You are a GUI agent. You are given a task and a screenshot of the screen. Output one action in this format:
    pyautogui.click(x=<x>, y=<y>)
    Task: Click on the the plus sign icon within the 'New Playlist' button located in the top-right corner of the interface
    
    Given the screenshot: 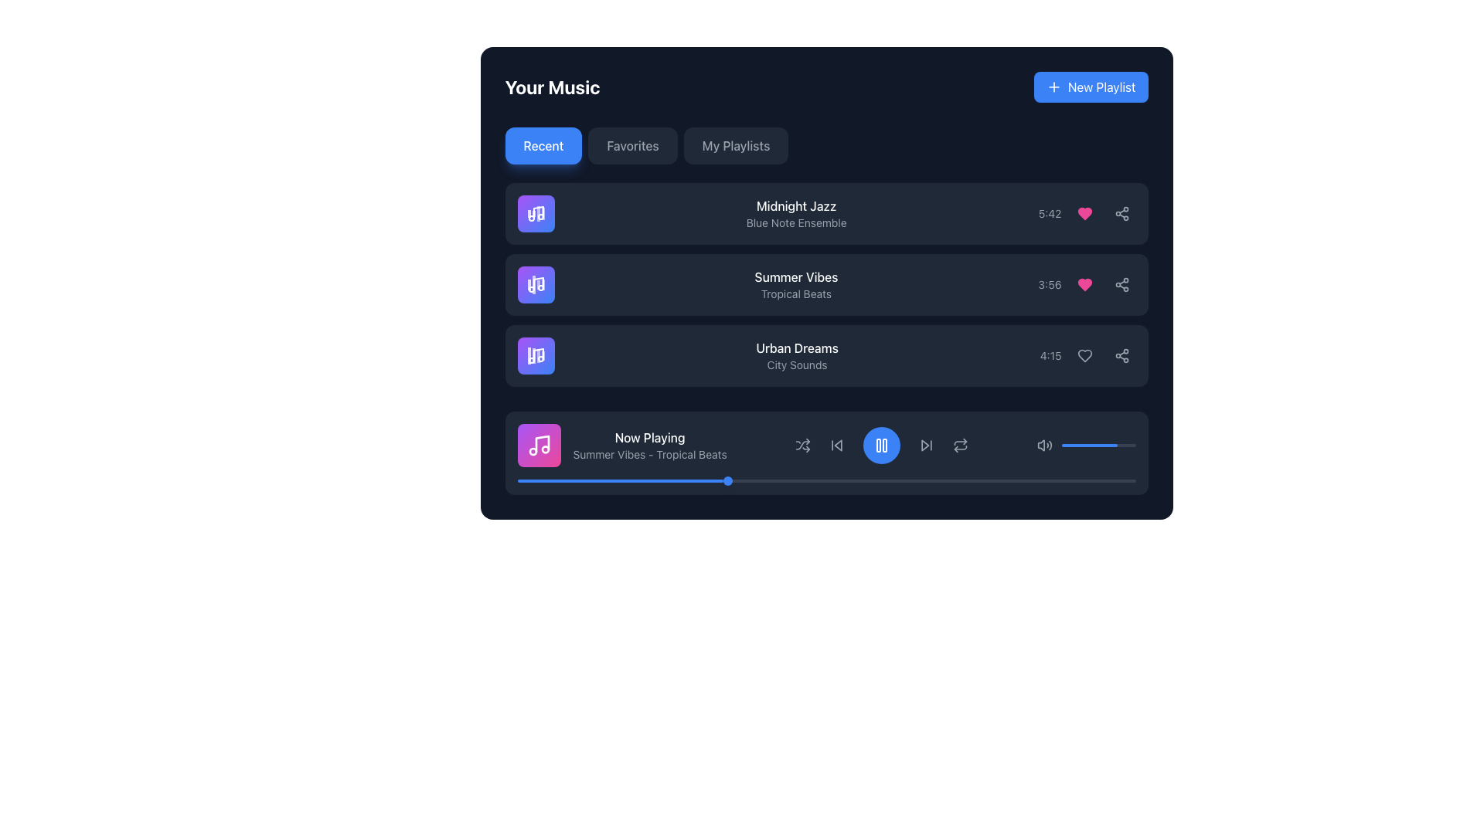 What is the action you would take?
    pyautogui.click(x=1053, y=86)
    